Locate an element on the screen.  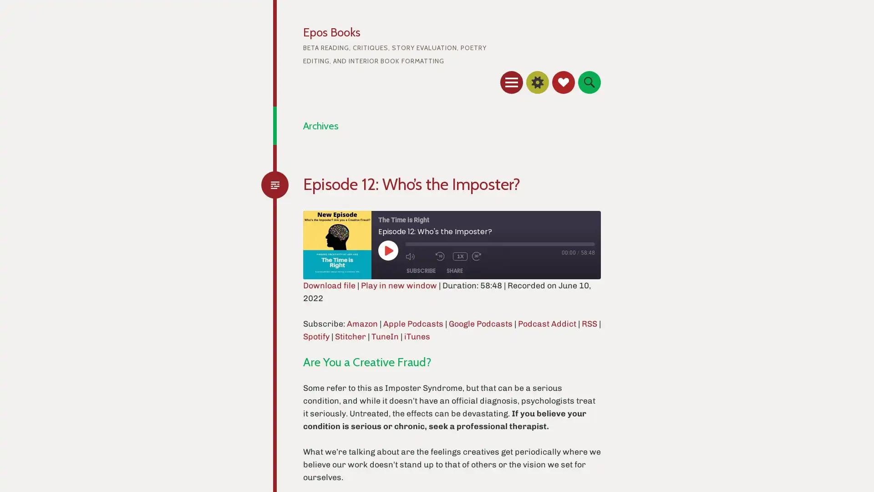
1X is located at coordinates (460, 256).